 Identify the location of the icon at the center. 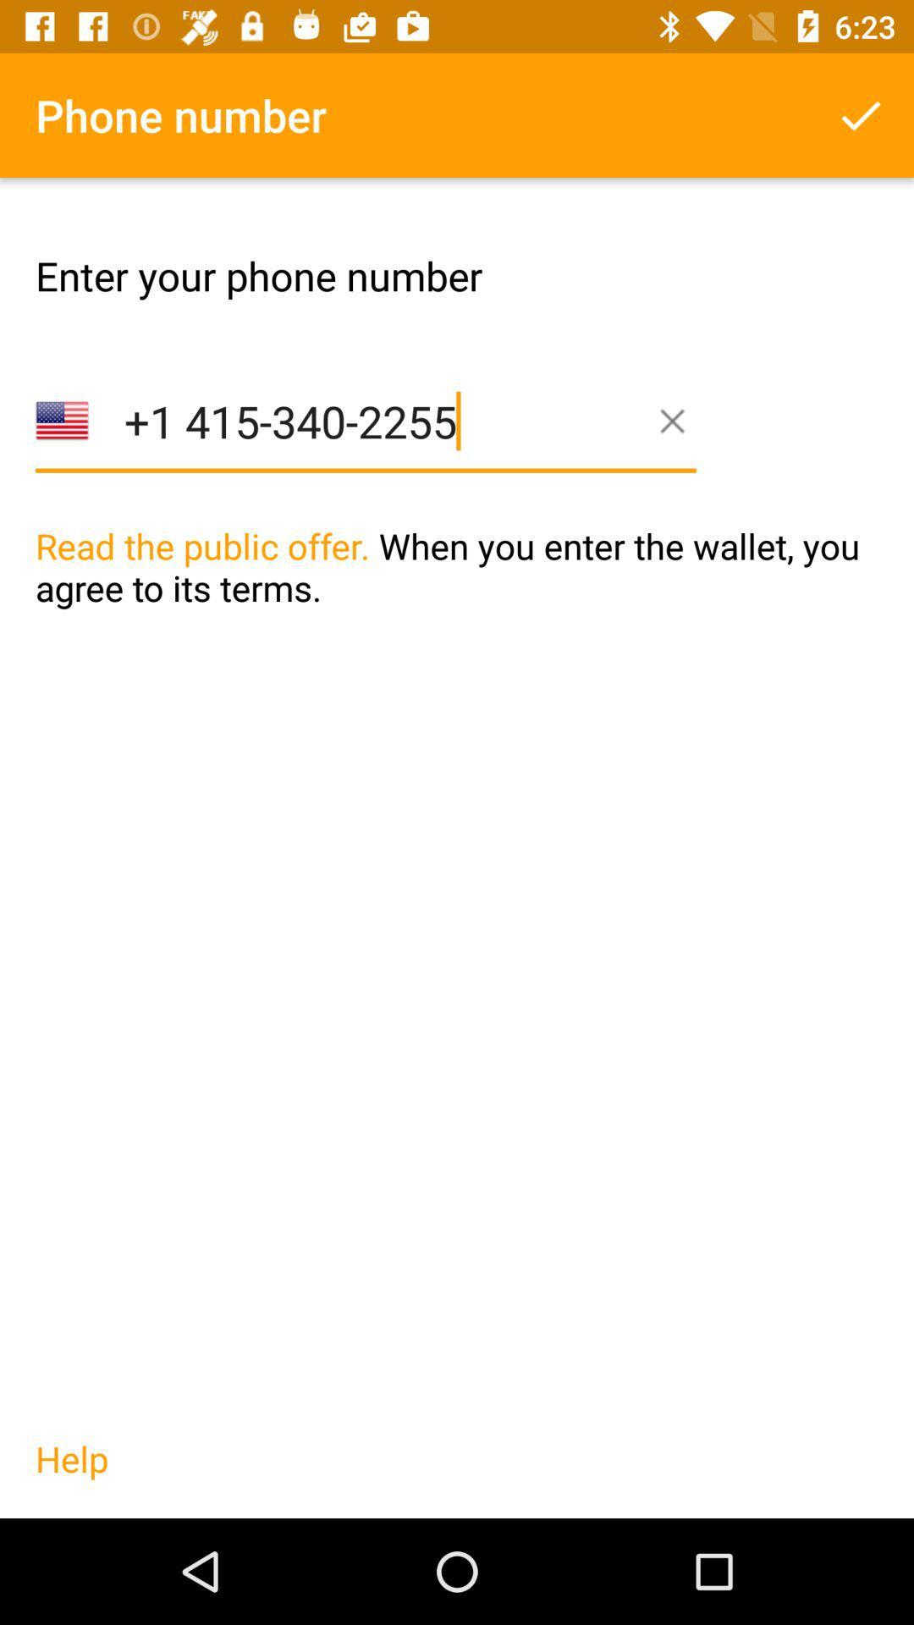
(457, 602).